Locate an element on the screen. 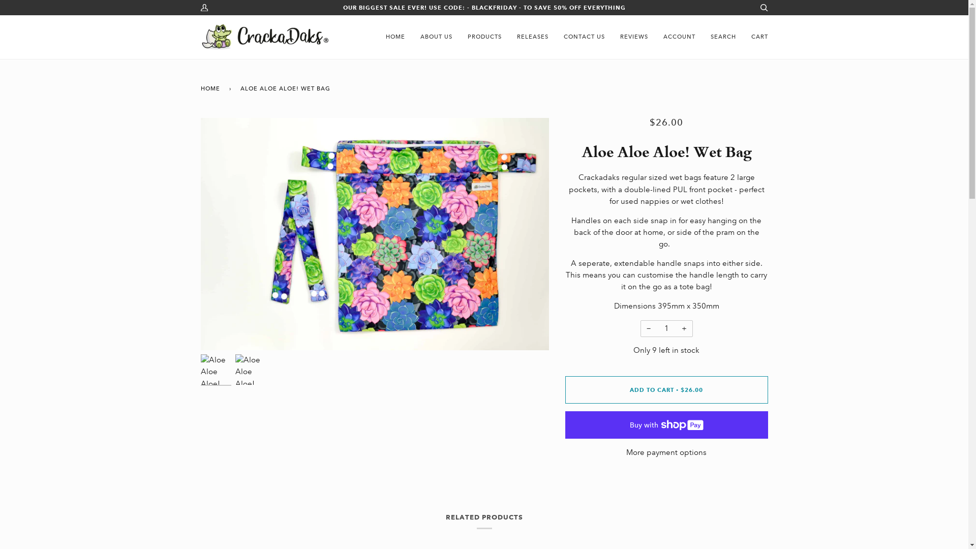 The width and height of the screenshot is (976, 549). 'ACCOUNT' is located at coordinates (679, 37).